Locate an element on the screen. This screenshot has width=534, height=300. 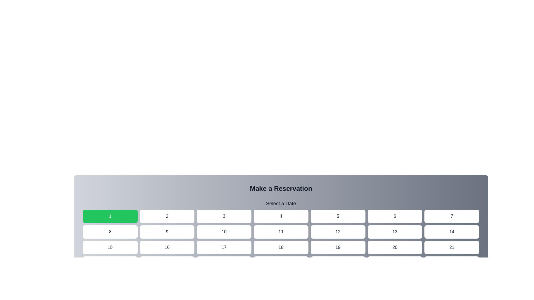
the button displaying the number '15' centered in black text, located in the first column of the third row in a 7-column grid layout is located at coordinates (110, 247).